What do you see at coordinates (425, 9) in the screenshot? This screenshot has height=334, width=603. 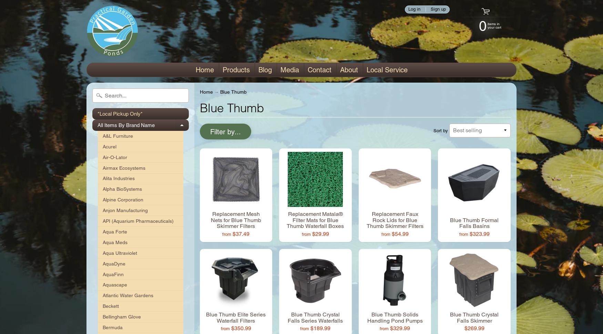 I see `'|'` at bounding box center [425, 9].